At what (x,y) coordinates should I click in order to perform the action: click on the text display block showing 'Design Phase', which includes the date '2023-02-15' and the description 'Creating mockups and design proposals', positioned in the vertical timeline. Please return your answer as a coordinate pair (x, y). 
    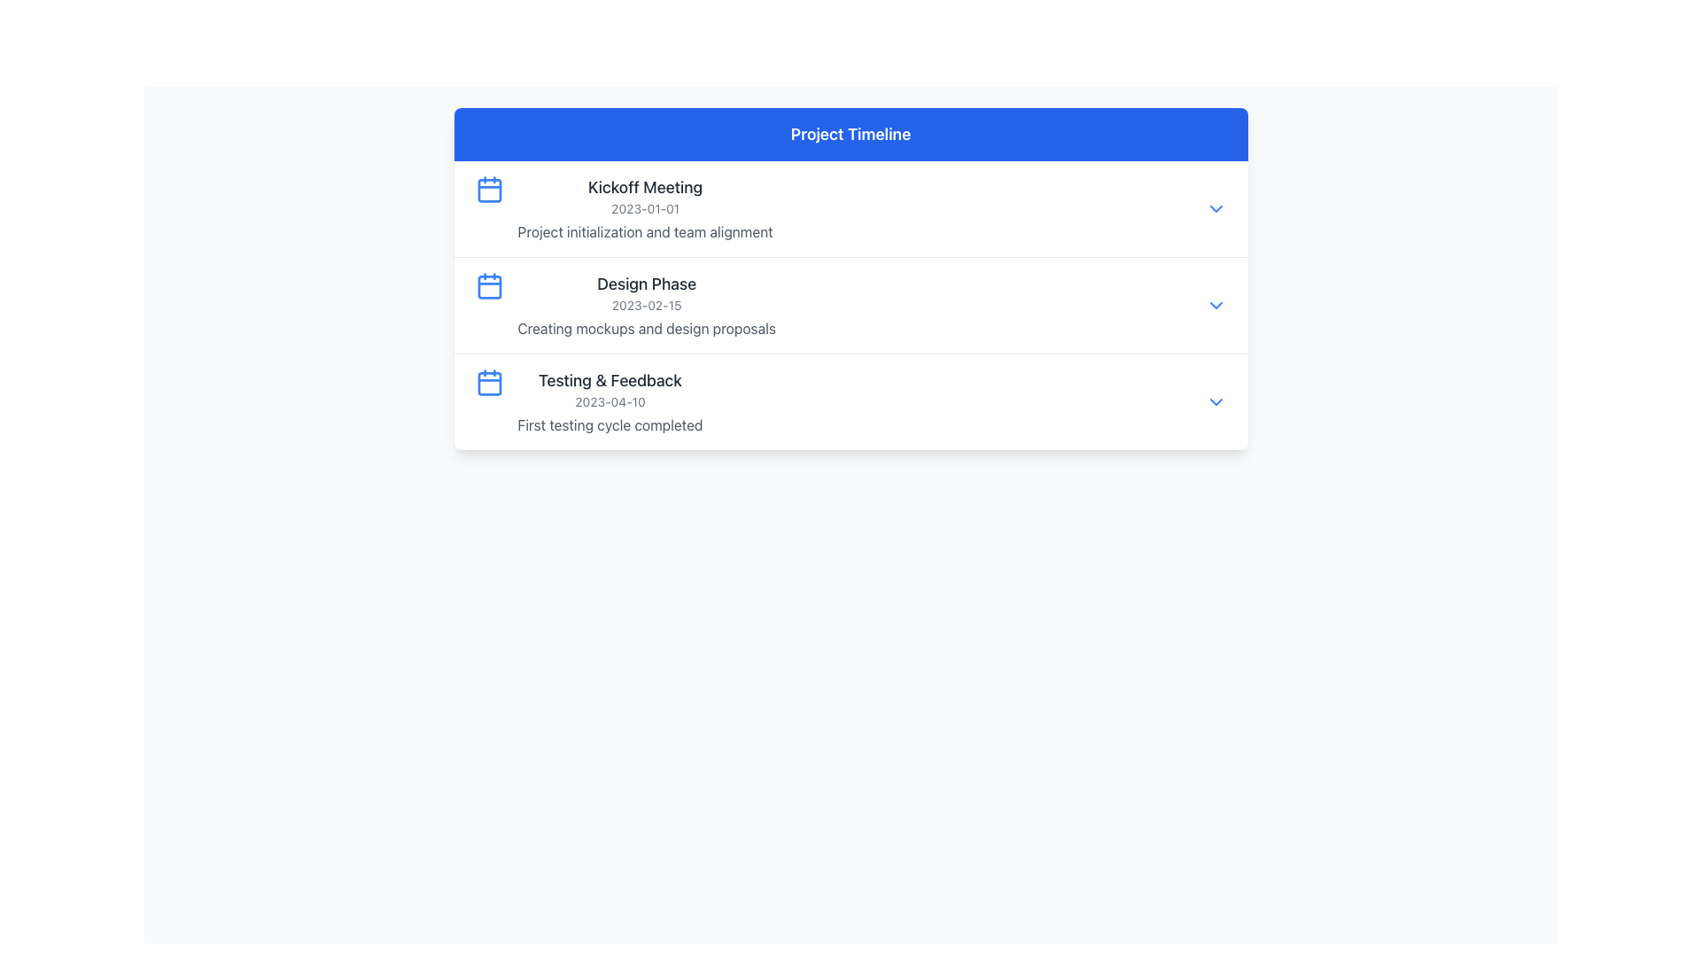
    Looking at the image, I should click on (646, 304).